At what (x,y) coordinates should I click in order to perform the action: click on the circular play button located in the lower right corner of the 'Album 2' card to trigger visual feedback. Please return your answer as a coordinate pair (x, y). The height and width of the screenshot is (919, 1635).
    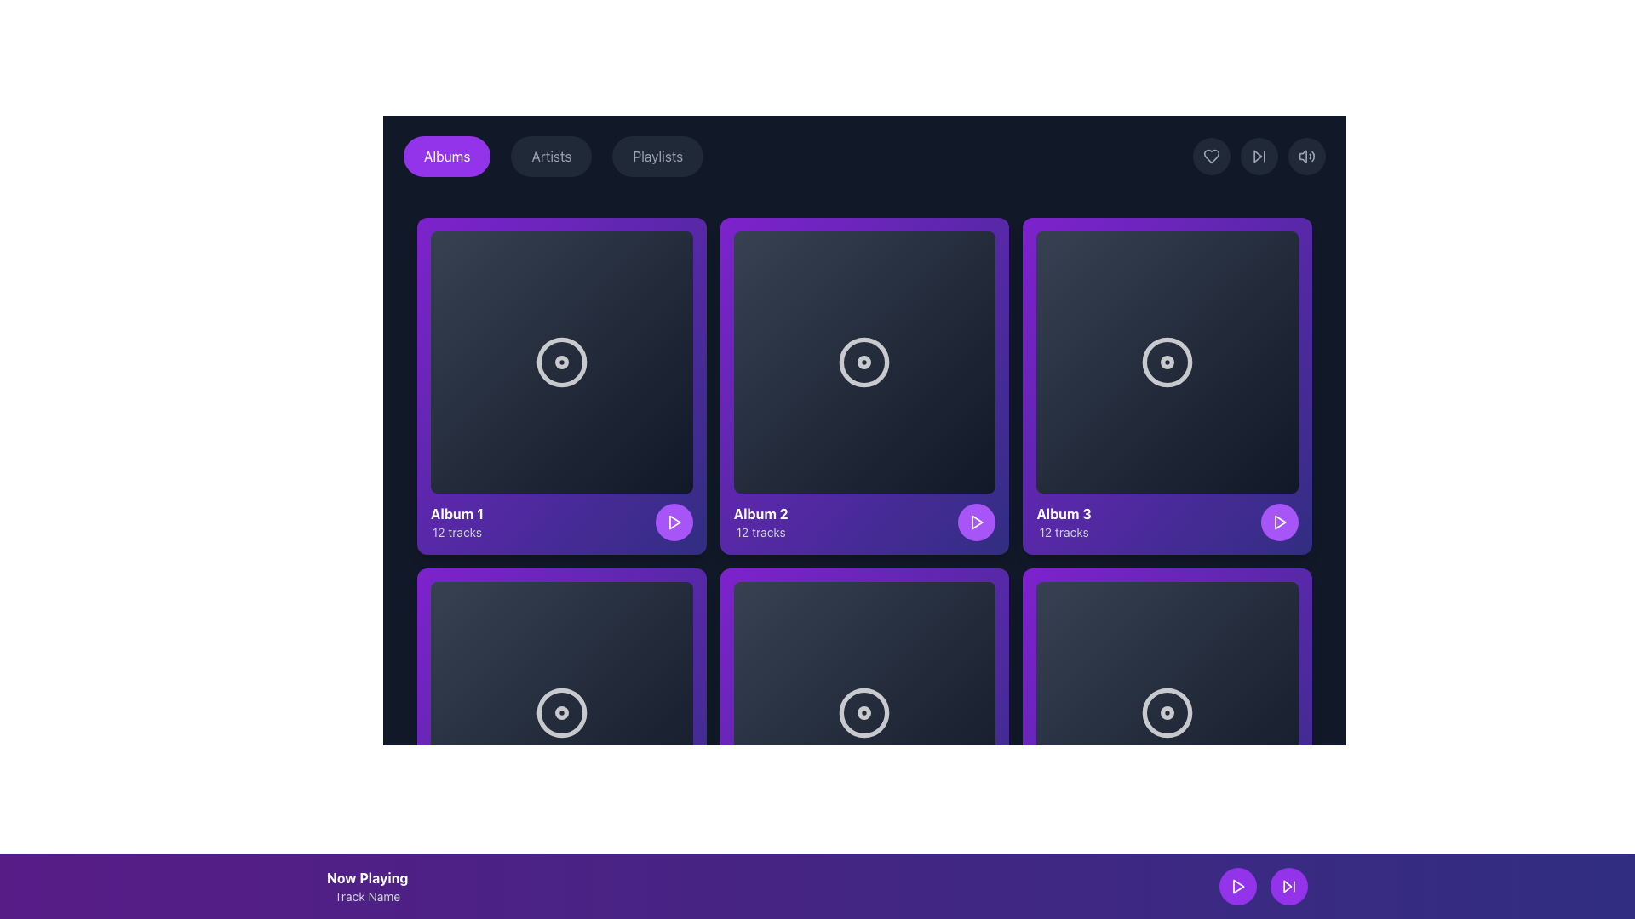
    Looking at the image, I should click on (673, 521).